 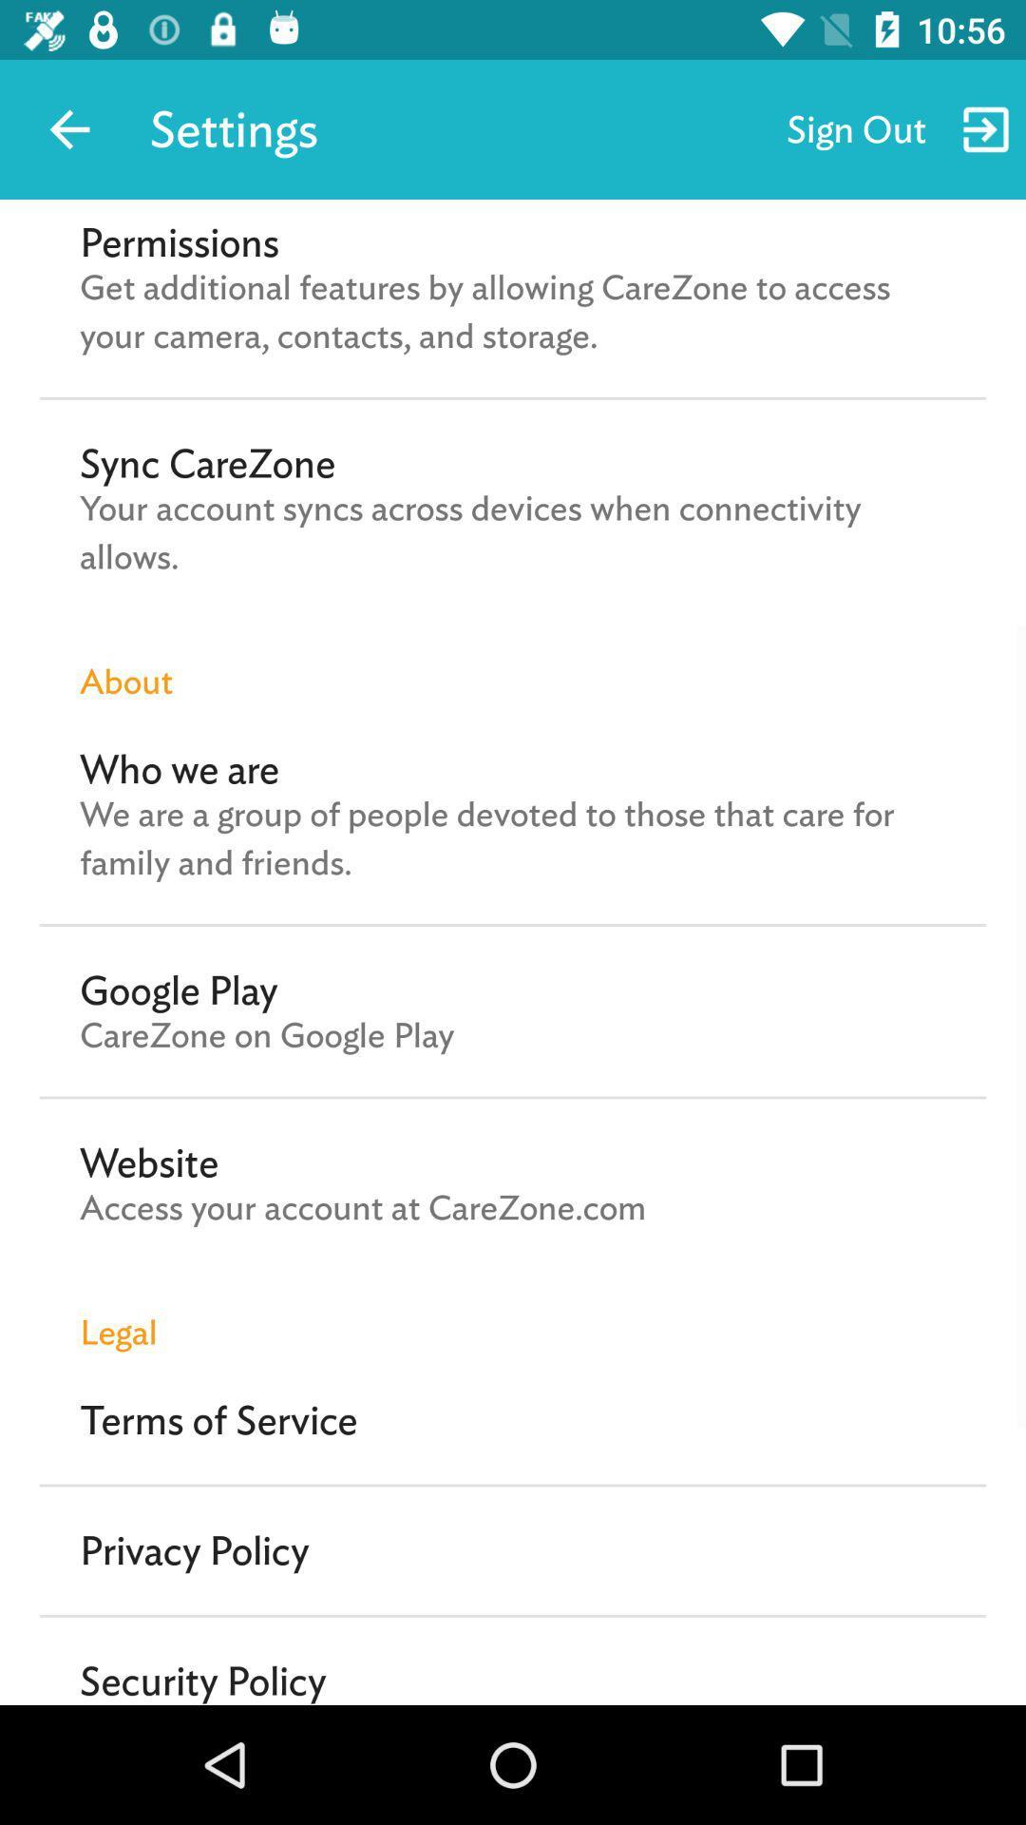 I want to click on icon above the access your account icon, so click(x=148, y=1162).